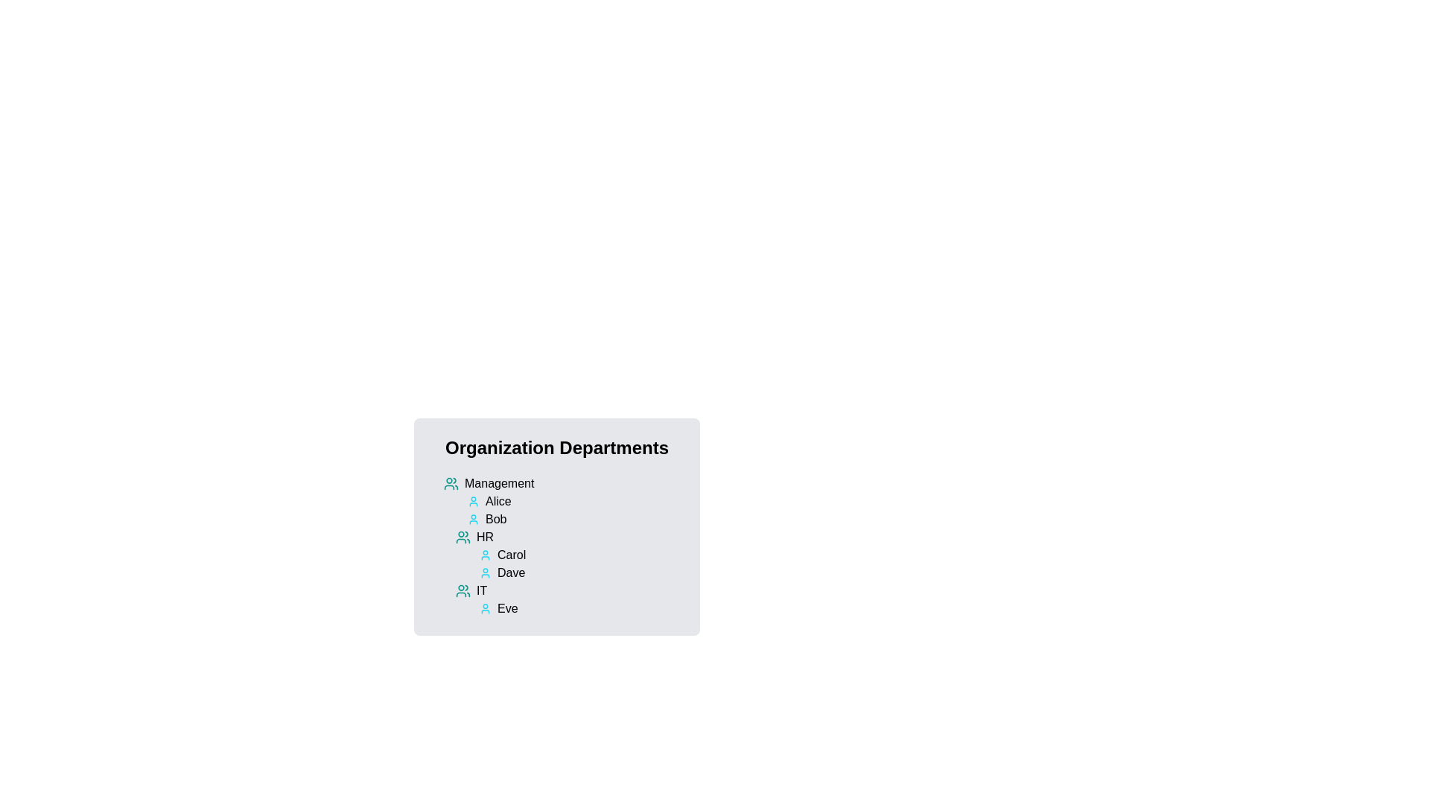 This screenshot has width=1430, height=804. What do you see at coordinates (568, 599) in the screenshot?
I see `the list item representing 'Eve' in the 'IT' department of the organization chart, which is the last item in the section` at bounding box center [568, 599].